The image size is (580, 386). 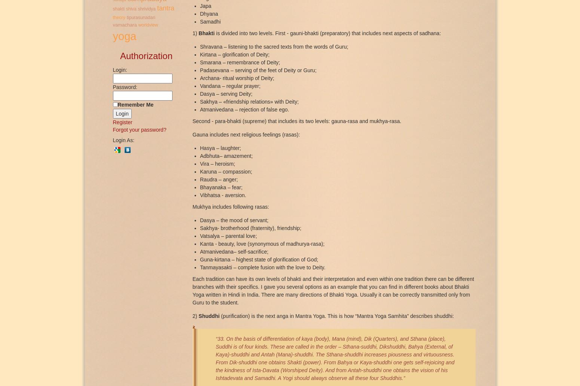 I want to click on 'vamachara', so click(x=124, y=25).